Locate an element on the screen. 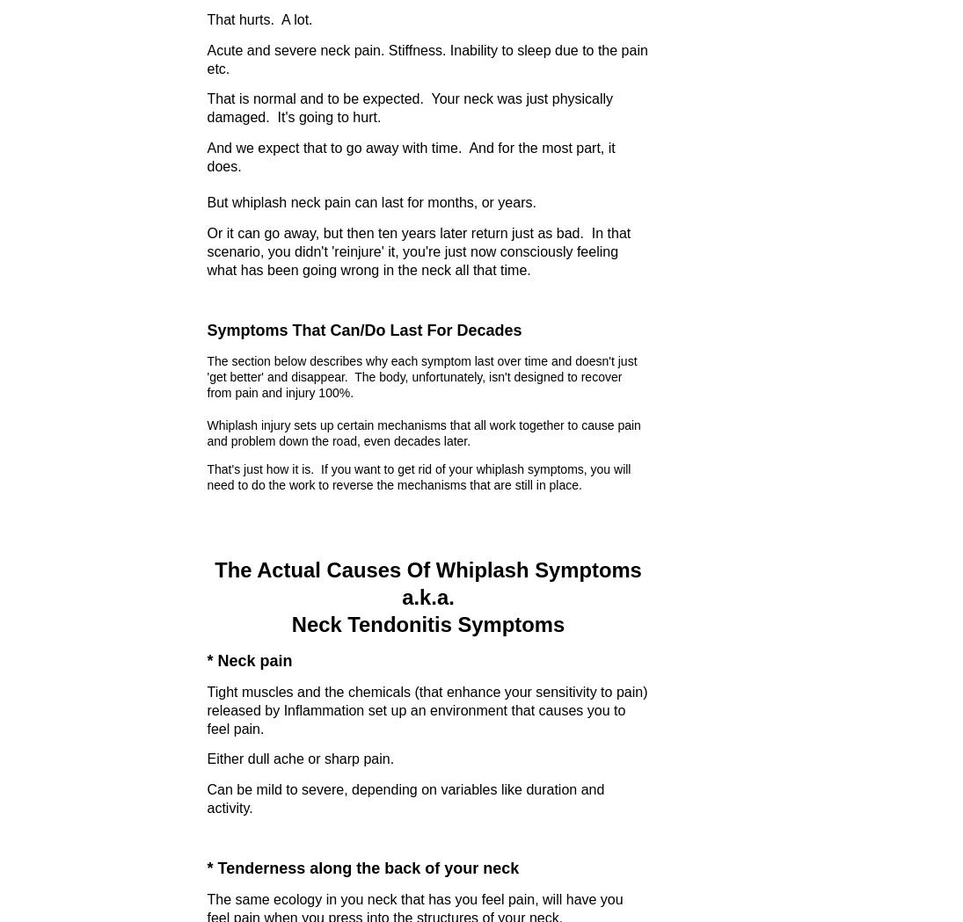 Image resolution: width=963 pixels, height=922 pixels. 'Neck Tendonitis Symptoms' is located at coordinates (291, 623).